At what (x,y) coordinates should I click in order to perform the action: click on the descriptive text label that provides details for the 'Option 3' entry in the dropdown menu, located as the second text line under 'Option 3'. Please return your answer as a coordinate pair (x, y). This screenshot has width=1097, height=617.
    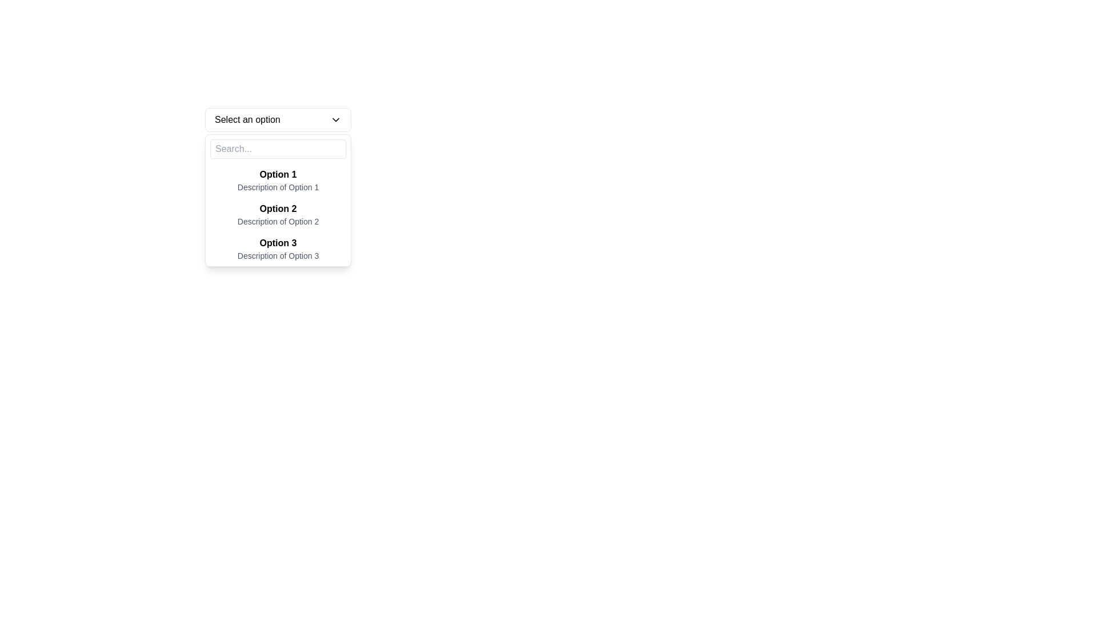
    Looking at the image, I should click on (278, 255).